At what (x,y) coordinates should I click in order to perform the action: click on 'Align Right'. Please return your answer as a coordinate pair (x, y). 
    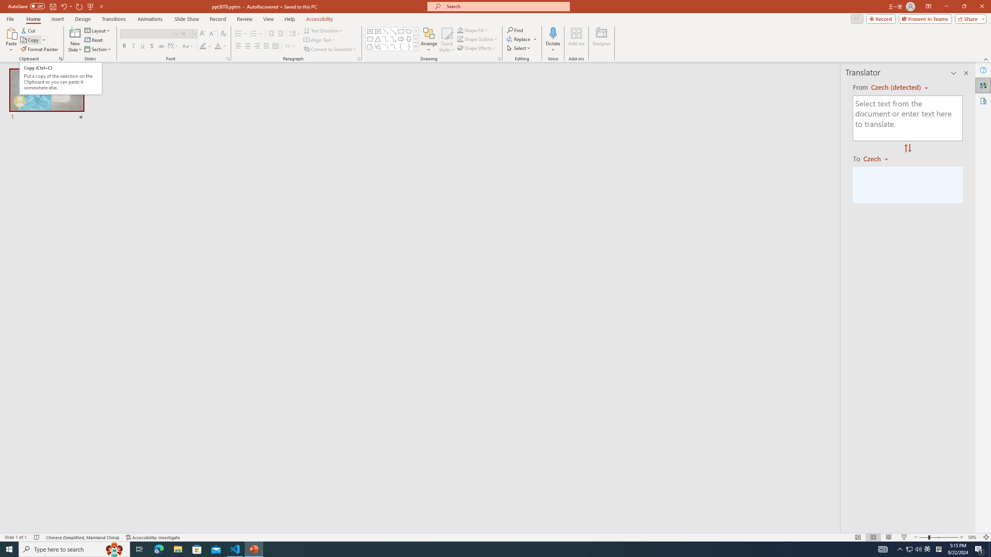
    Looking at the image, I should click on (257, 46).